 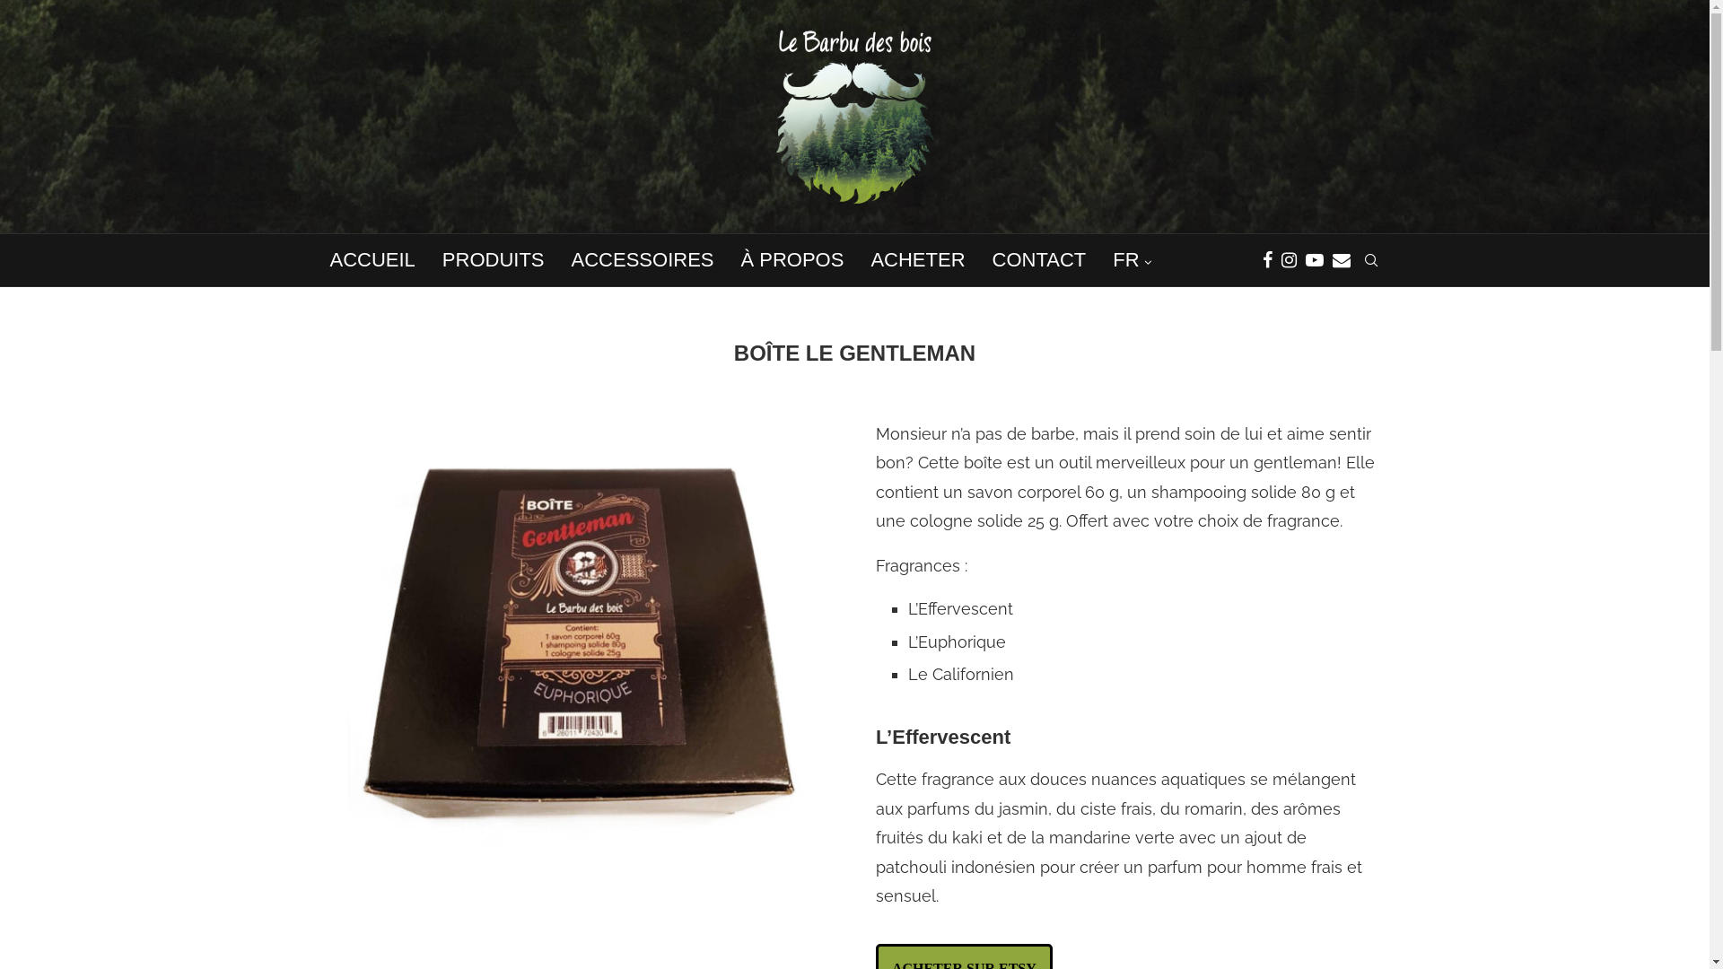 I want to click on 'ACHETER', so click(x=917, y=259).